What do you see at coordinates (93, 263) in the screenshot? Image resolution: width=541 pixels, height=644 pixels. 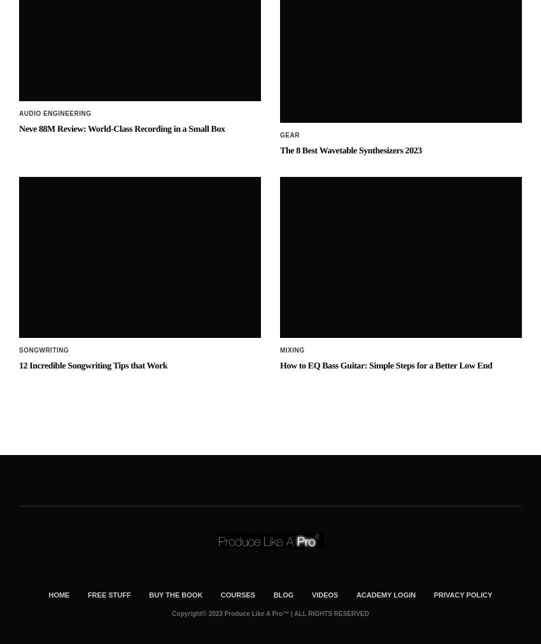 I see `'12 Incredible Songwriting Tips that Work'` at bounding box center [93, 263].